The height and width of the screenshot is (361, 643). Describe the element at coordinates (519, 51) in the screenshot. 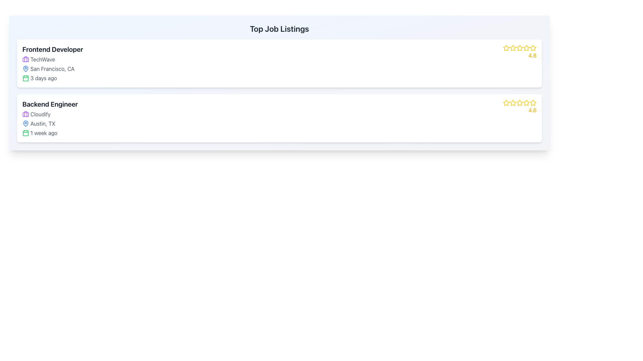

I see `the rating display element showing five golden yellow stars and the numeric text '4.8' in the top-right corner of the 'Frontend Developer' item card` at that location.